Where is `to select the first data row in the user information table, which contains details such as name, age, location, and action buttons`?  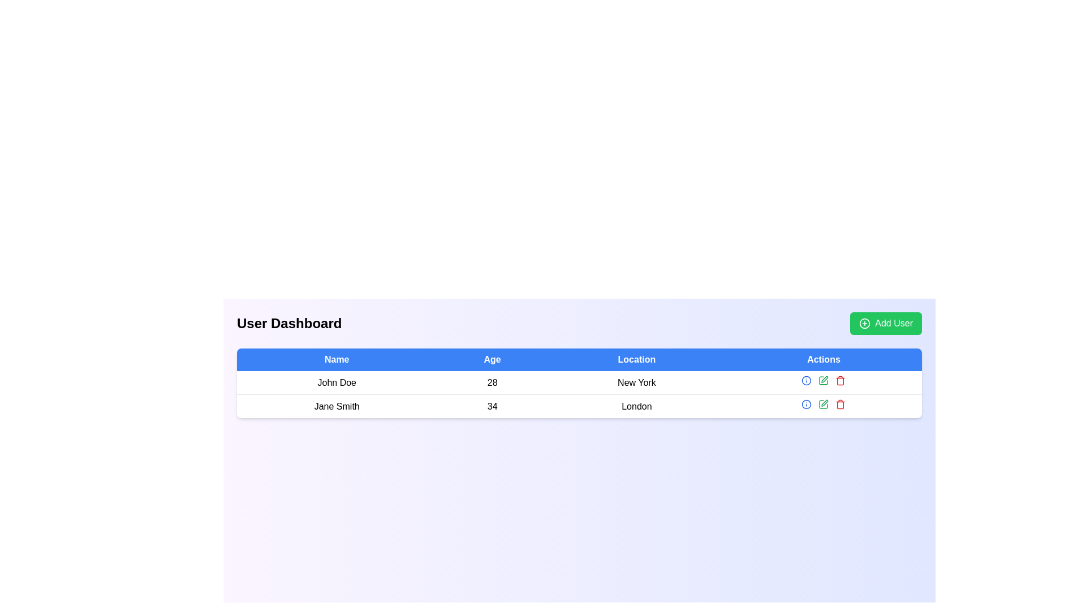 to select the first data row in the user information table, which contains details such as name, age, location, and action buttons is located at coordinates (579, 394).